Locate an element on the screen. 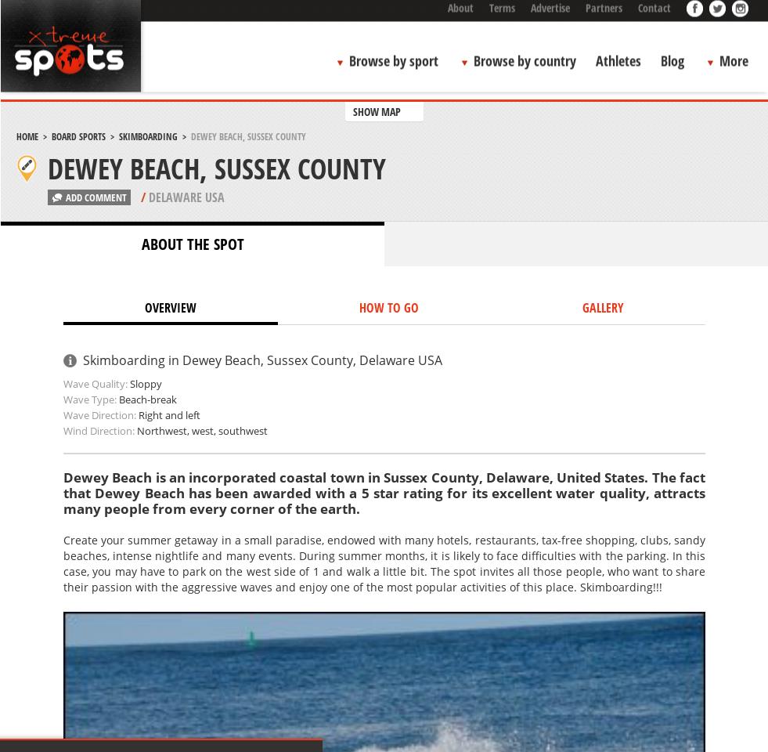 The height and width of the screenshot is (752, 768). 'HOW TO GO' is located at coordinates (388, 305).